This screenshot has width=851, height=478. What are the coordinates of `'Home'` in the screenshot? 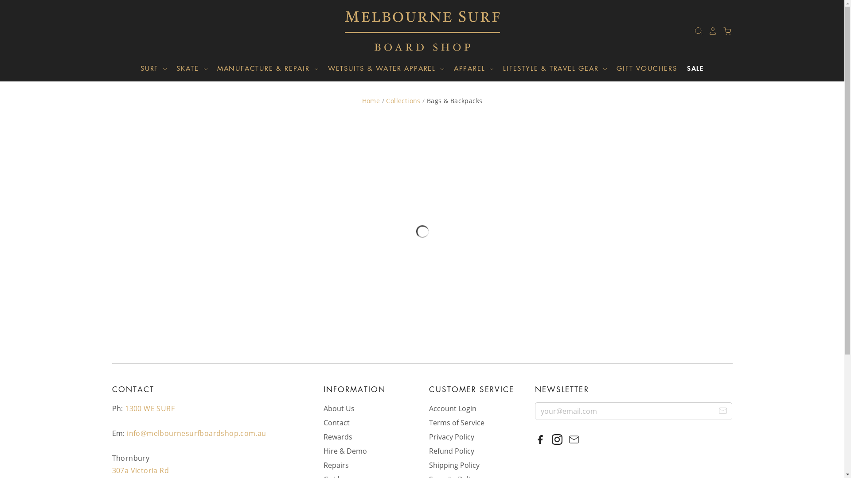 It's located at (371, 100).